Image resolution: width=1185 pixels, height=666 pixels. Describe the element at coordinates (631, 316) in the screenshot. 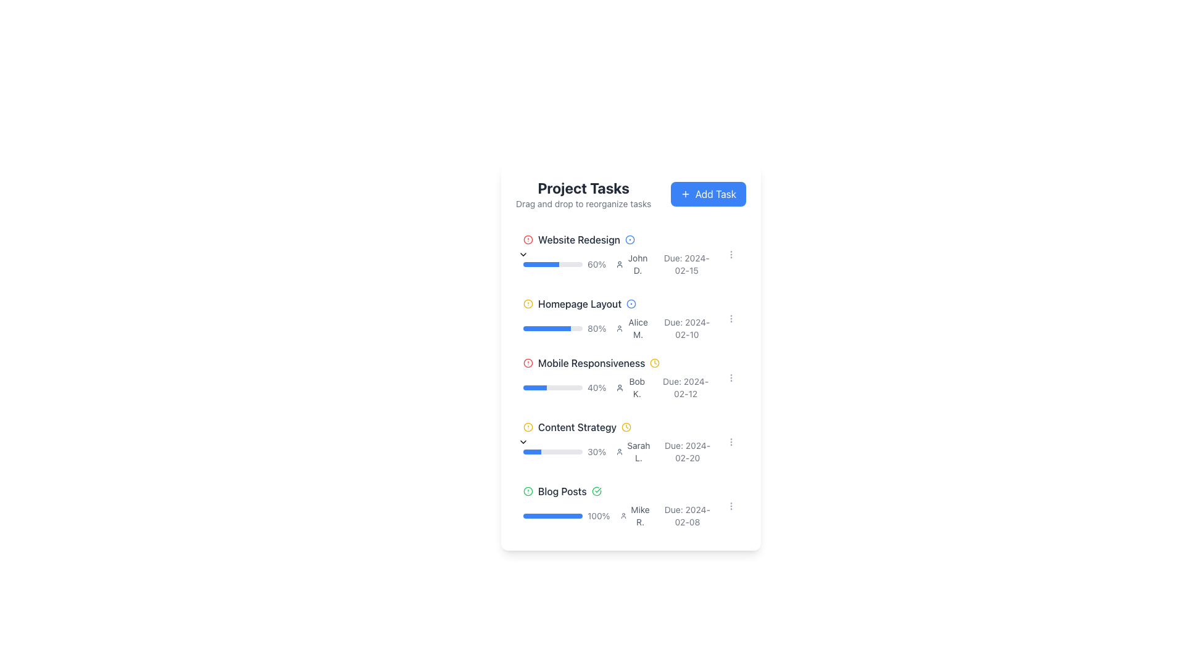

I see `the 'Homepage Layout' task item in the task list` at that location.